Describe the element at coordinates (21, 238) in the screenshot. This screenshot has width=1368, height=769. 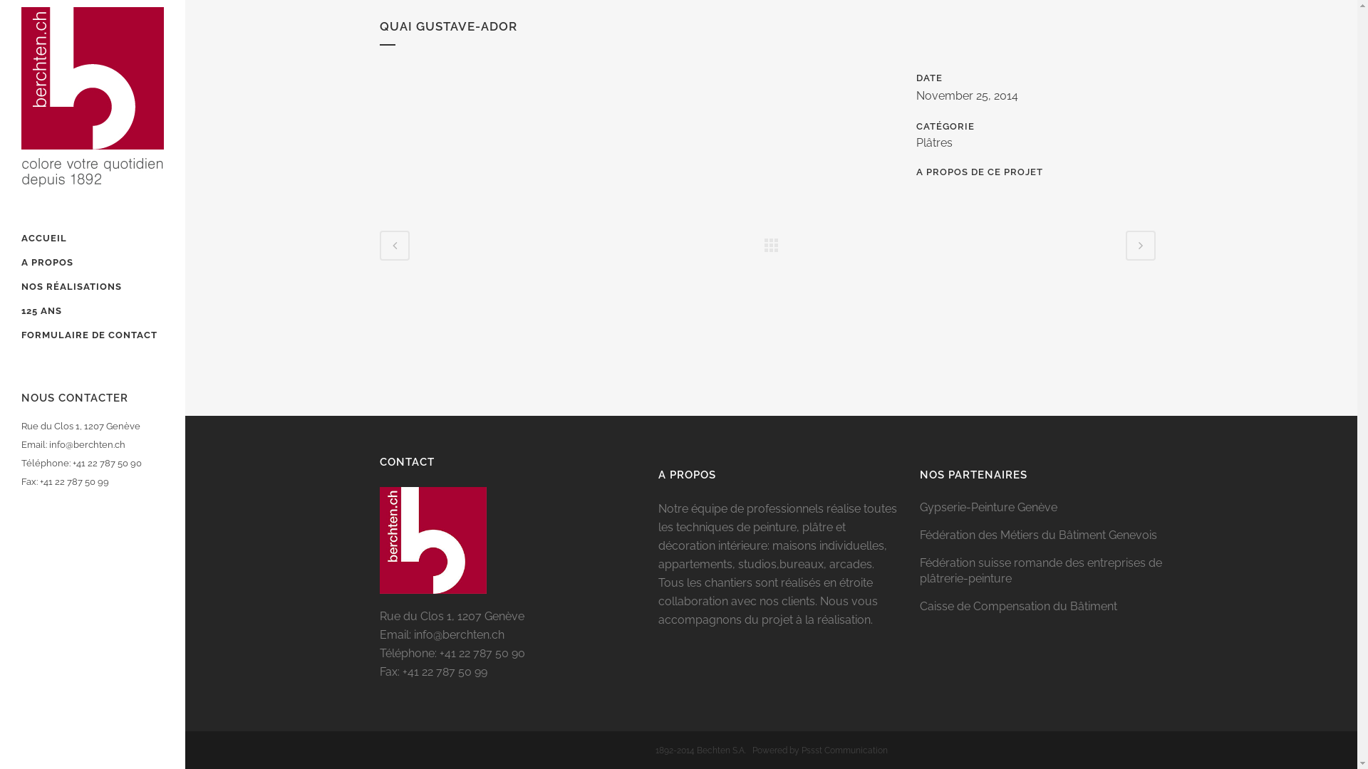
I see `'ACCUEIL'` at that location.